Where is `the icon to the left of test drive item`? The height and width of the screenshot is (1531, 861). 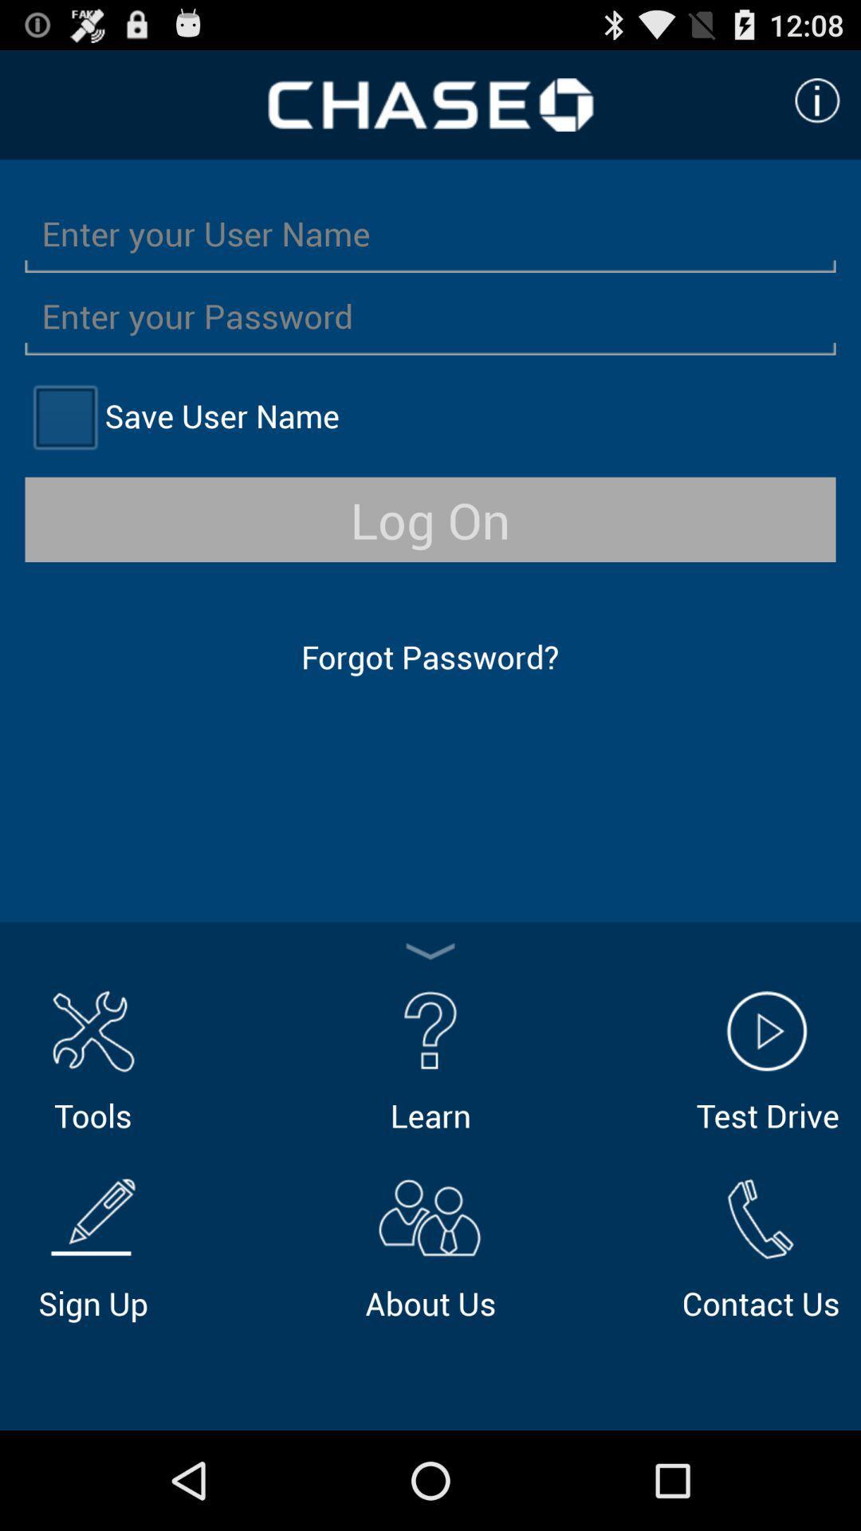 the icon to the left of test drive item is located at coordinates (431, 1058).